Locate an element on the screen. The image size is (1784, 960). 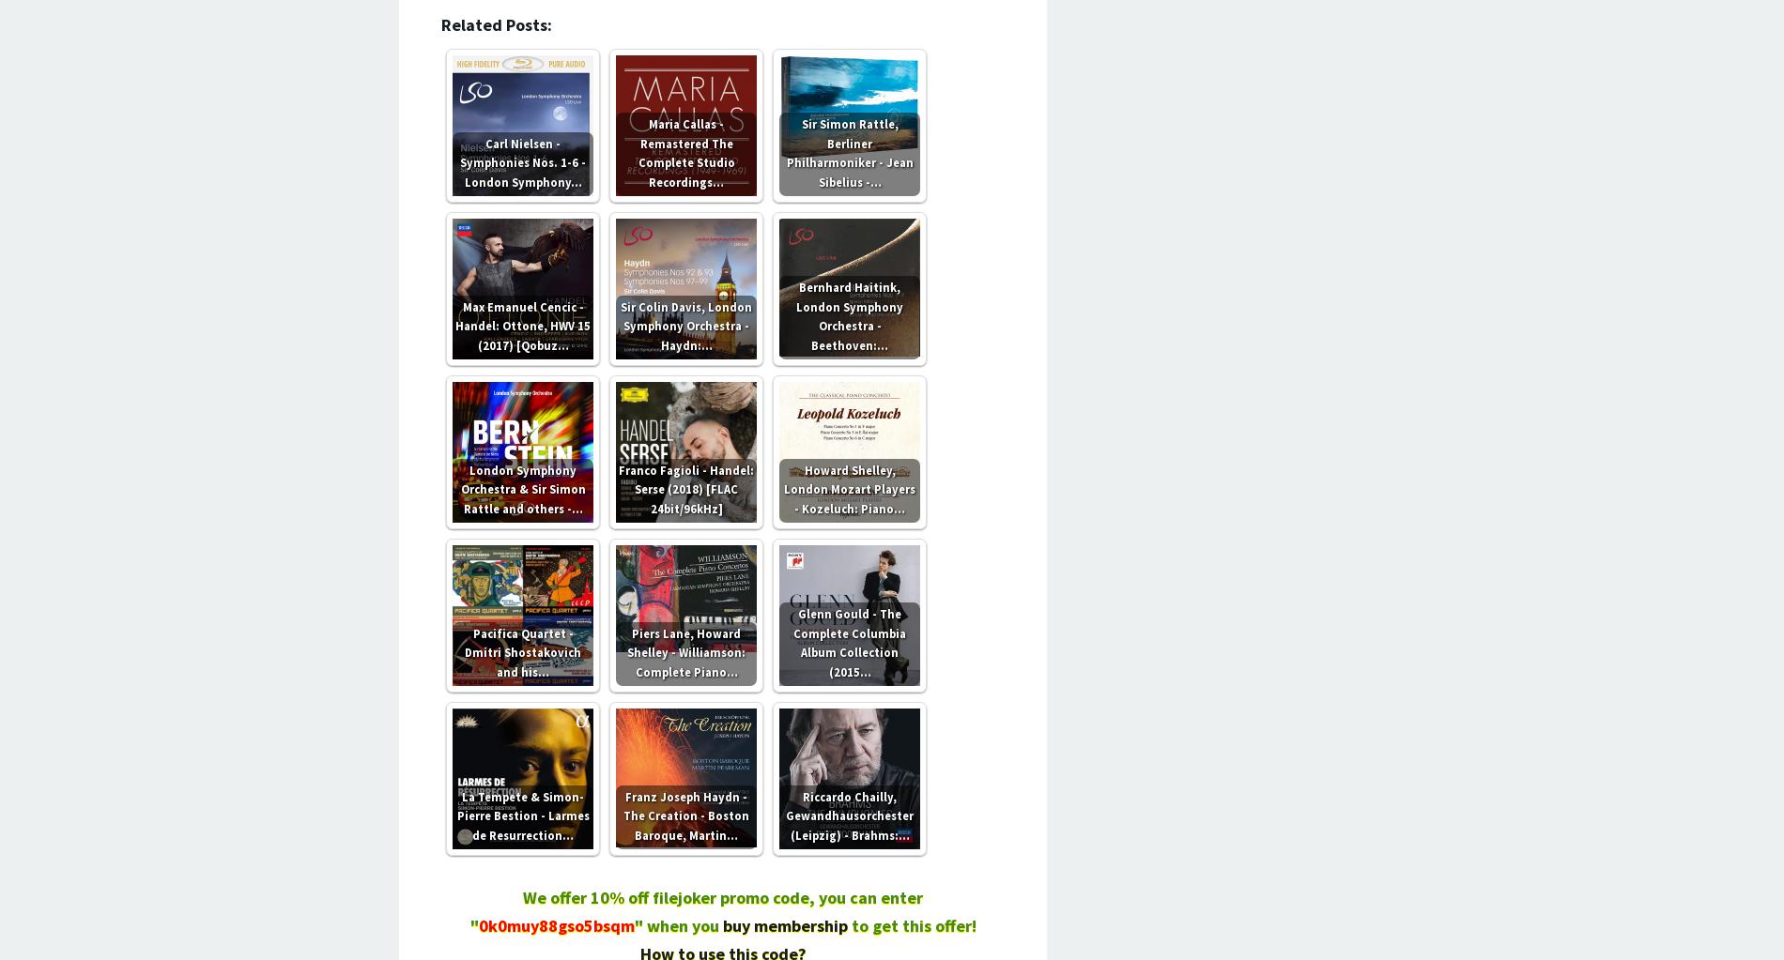
'Sir Colin Davis, London Symphony Orchestra - Haydn:…' is located at coordinates (621, 326).